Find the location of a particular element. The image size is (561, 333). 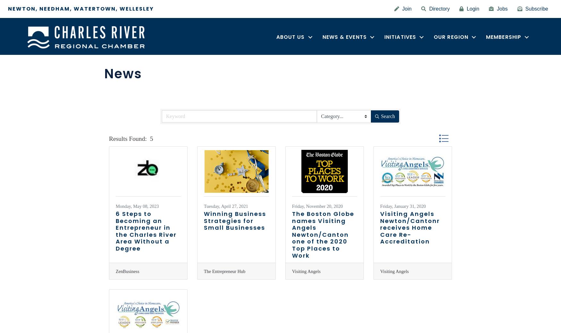

'Winning Business Strategies for Small Businesses' is located at coordinates (235, 220).